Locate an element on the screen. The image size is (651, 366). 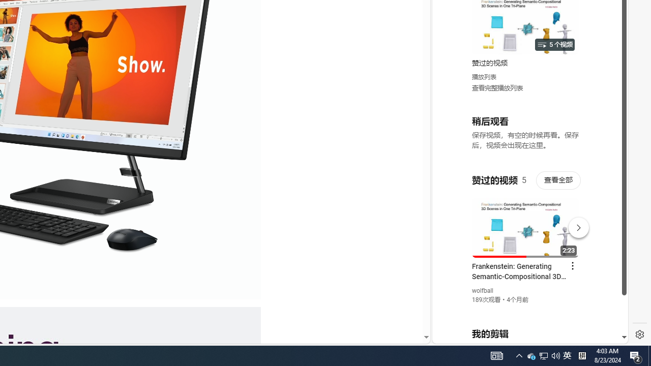
'wolfball' is located at coordinates (482, 291).